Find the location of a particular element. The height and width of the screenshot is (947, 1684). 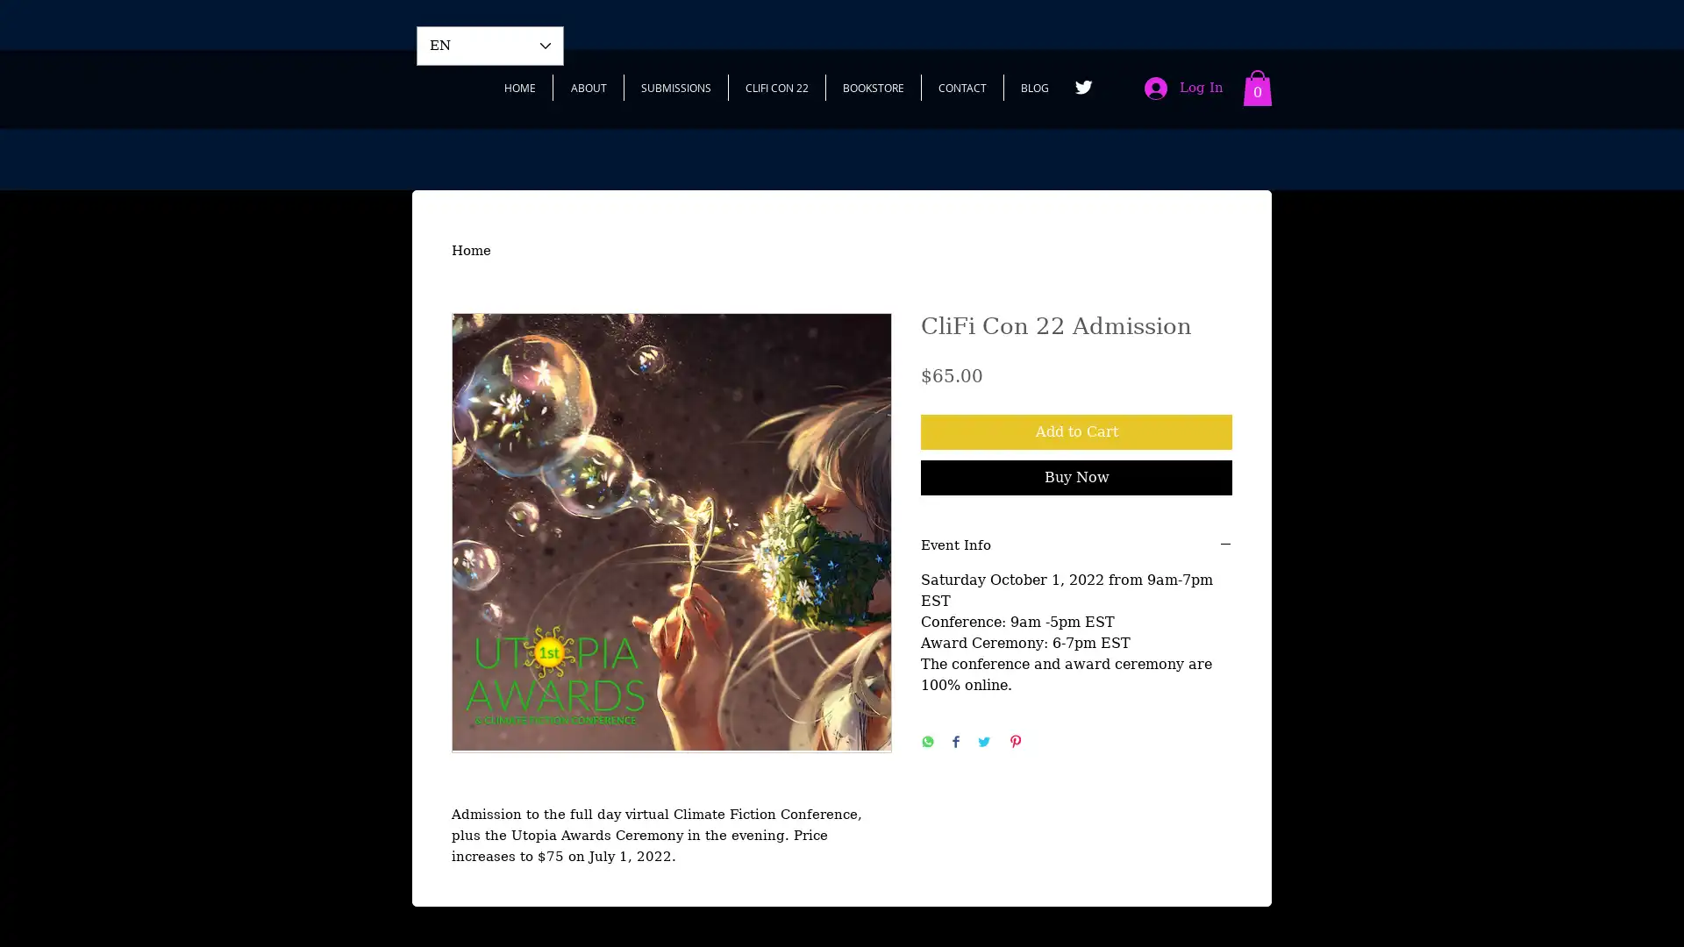

Share on WhatsApp is located at coordinates (926, 743).